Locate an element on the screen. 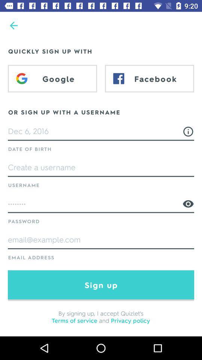 Image resolution: width=202 pixels, height=360 pixels. the icon to the left of the facebook icon is located at coordinates (52, 78).